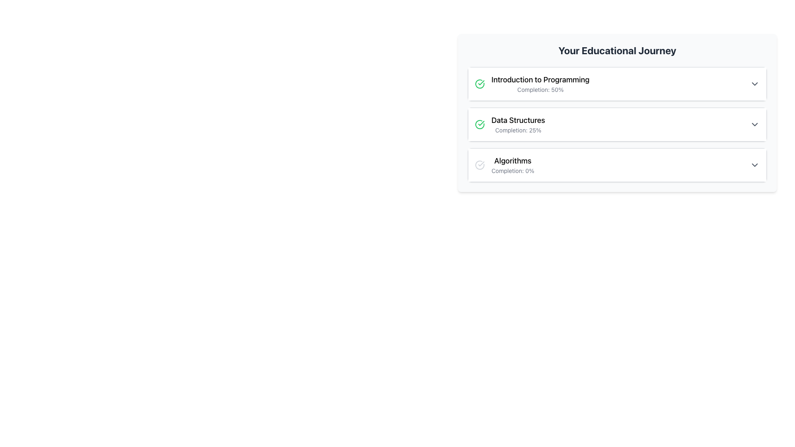 The image size is (795, 447). What do you see at coordinates (479, 165) in the screenshot?
I see `small gray circle icon with a checkmark inside it, located to the left of the 'Algorithms' course title in the 'Your Educational Journey' interface` at bounding box center [479, 165].